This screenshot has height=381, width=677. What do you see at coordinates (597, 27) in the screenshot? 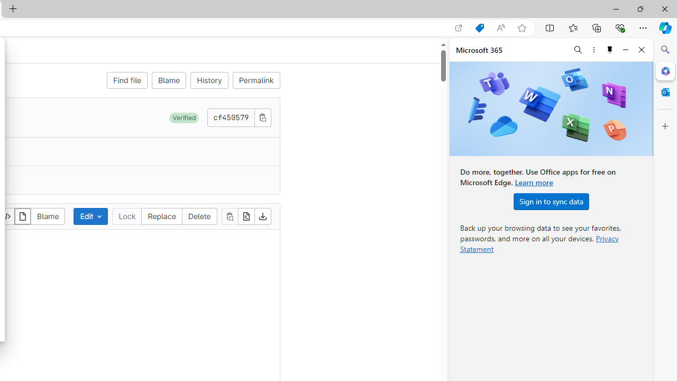
I see `'Collections'` at bounding box center [597, 27].